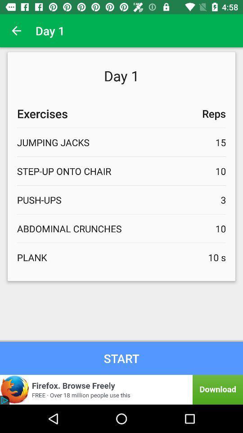 The width and height of the screenshot is (243, 433). Describe the element at coordinates (121, 228) in the screenshot. I see `abdominal crunches` at that location.